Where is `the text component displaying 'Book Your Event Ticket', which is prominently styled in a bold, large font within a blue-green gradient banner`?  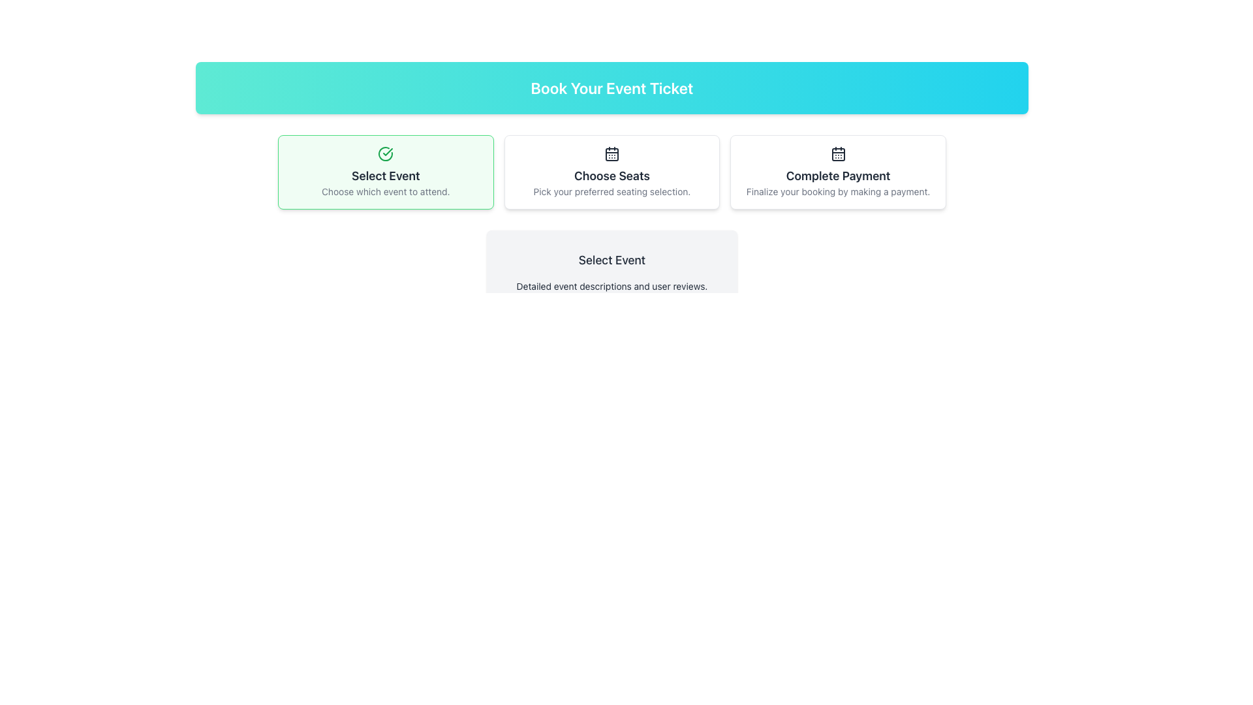 the text component displaying 'Book Your Event Ticket', which is prominently styled in a bold, large font within a blue-green gradient banner is located at coordinates (611, 88).